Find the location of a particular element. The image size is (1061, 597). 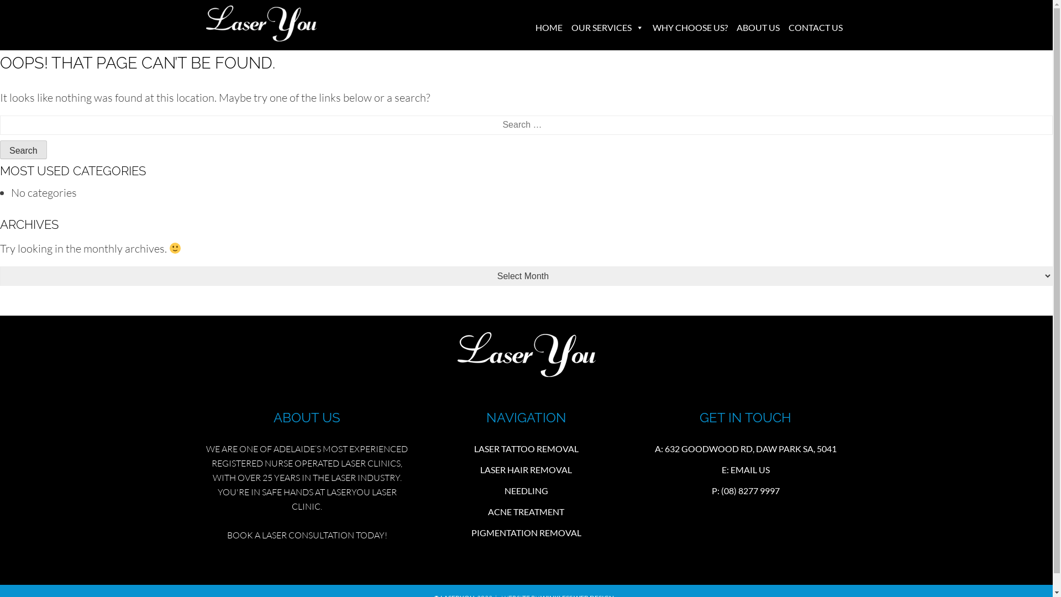

'OUR SERVICES' is located at coordinates (607, 27).